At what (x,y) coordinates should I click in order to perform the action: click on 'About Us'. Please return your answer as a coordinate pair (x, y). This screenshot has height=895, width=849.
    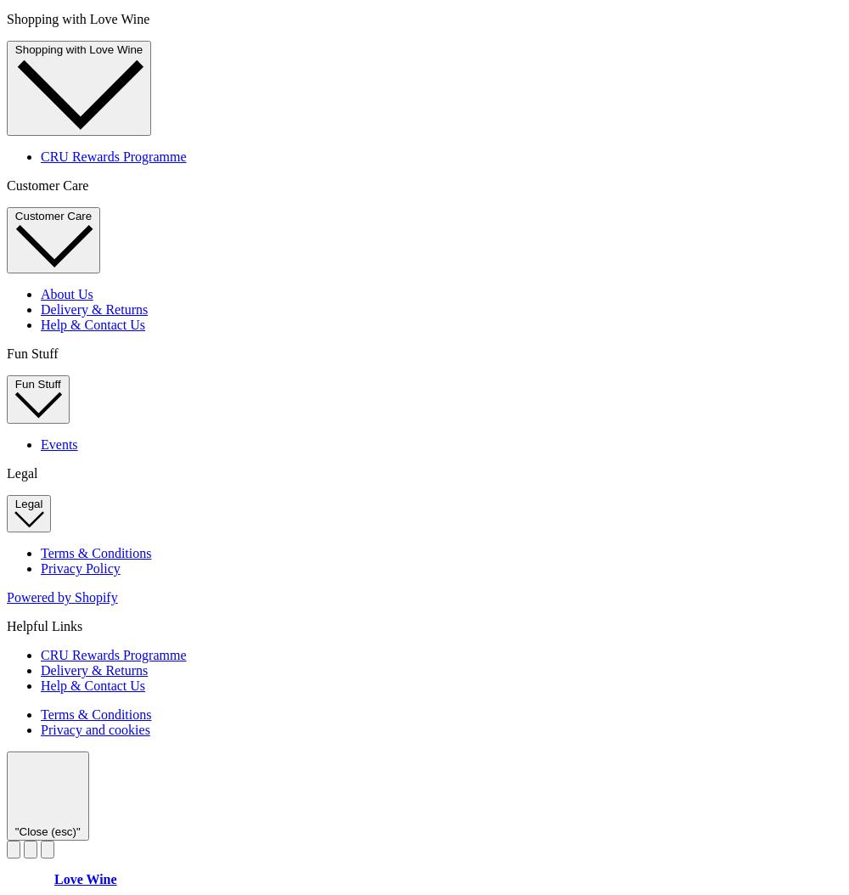
    Looking at the image, I should click on (65, 293).